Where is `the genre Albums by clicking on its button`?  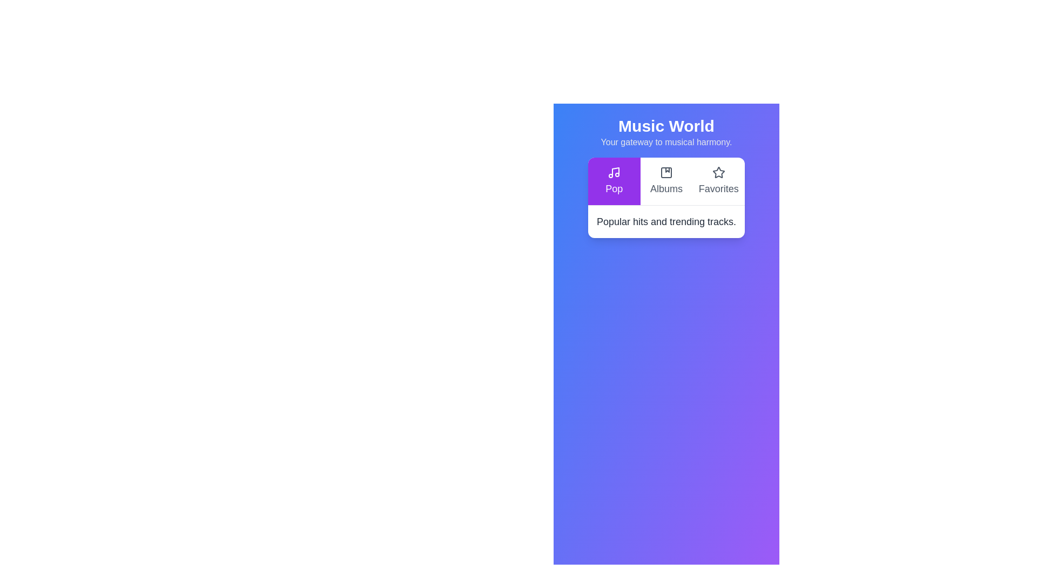
the genre Albums by clicking on its button is located at coordinates (665, 180).